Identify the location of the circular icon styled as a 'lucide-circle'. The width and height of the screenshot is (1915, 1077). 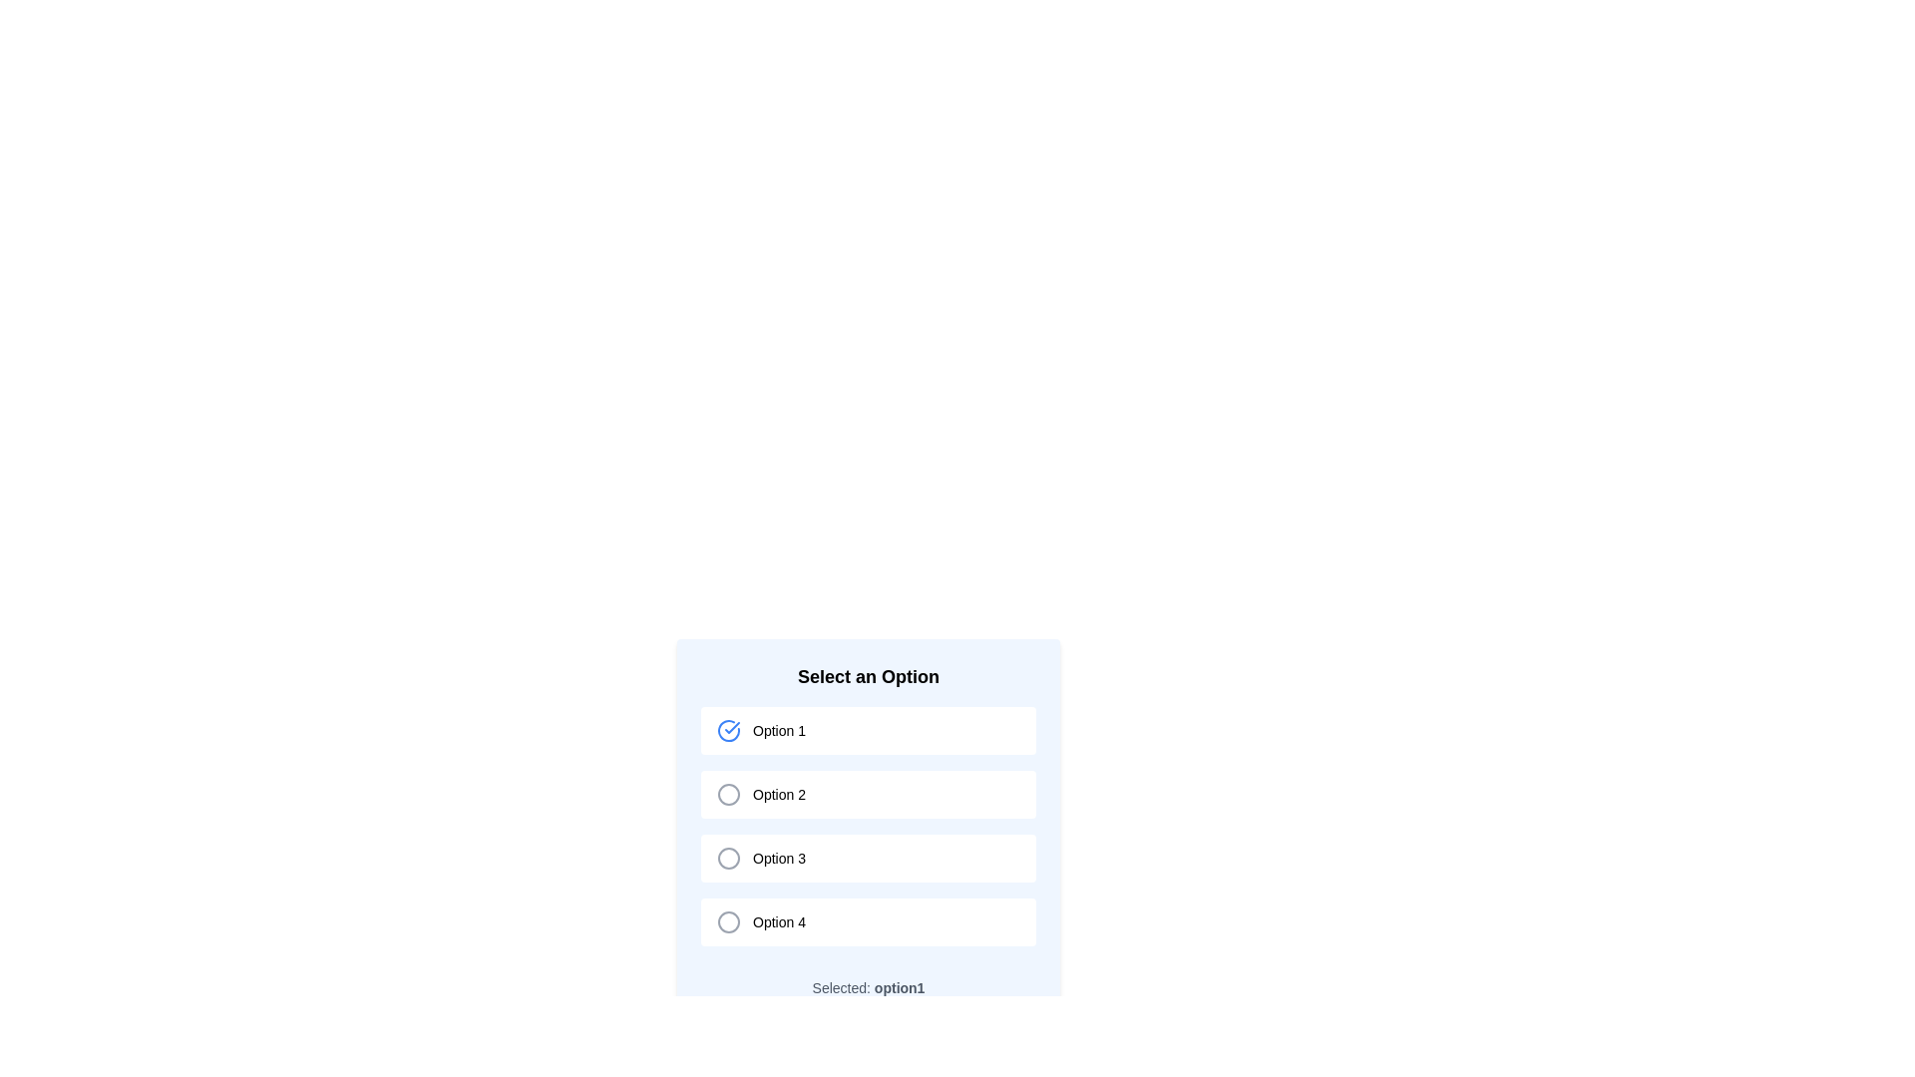
(727, 857).